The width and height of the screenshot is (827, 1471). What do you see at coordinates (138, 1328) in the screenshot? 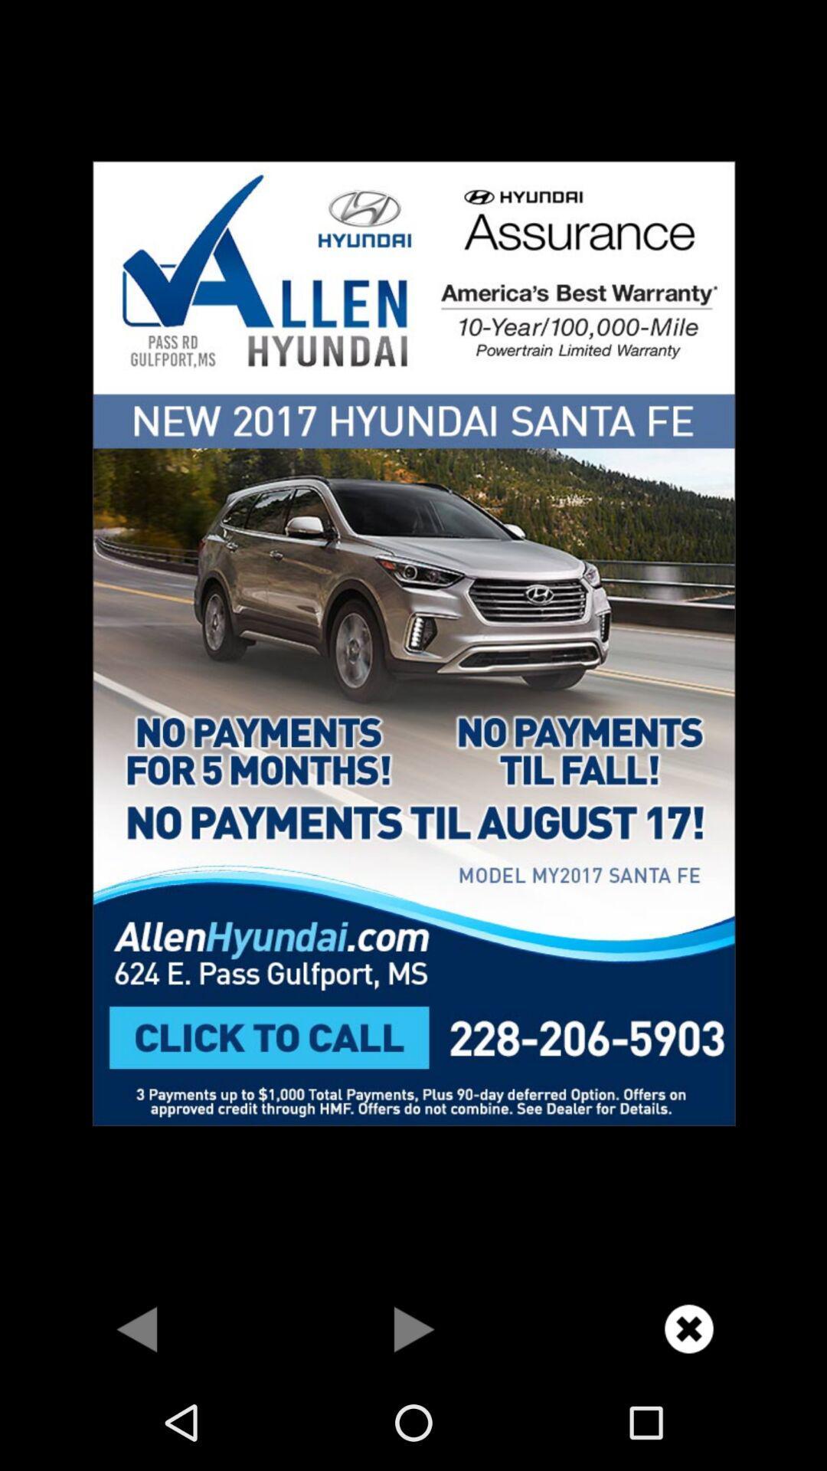
I see `for back` at bounding box center [138, 1328].